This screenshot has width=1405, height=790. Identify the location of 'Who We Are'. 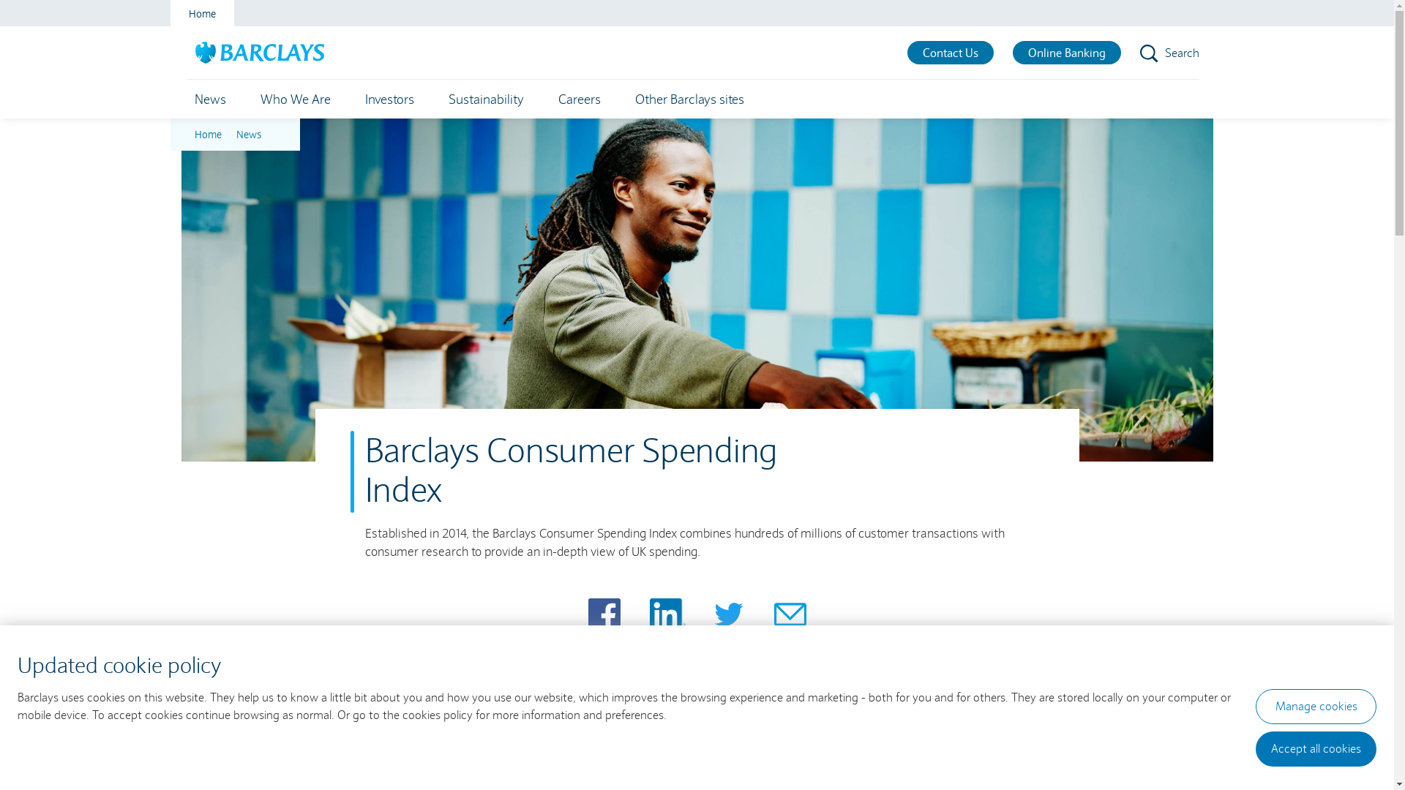
(252, 99).